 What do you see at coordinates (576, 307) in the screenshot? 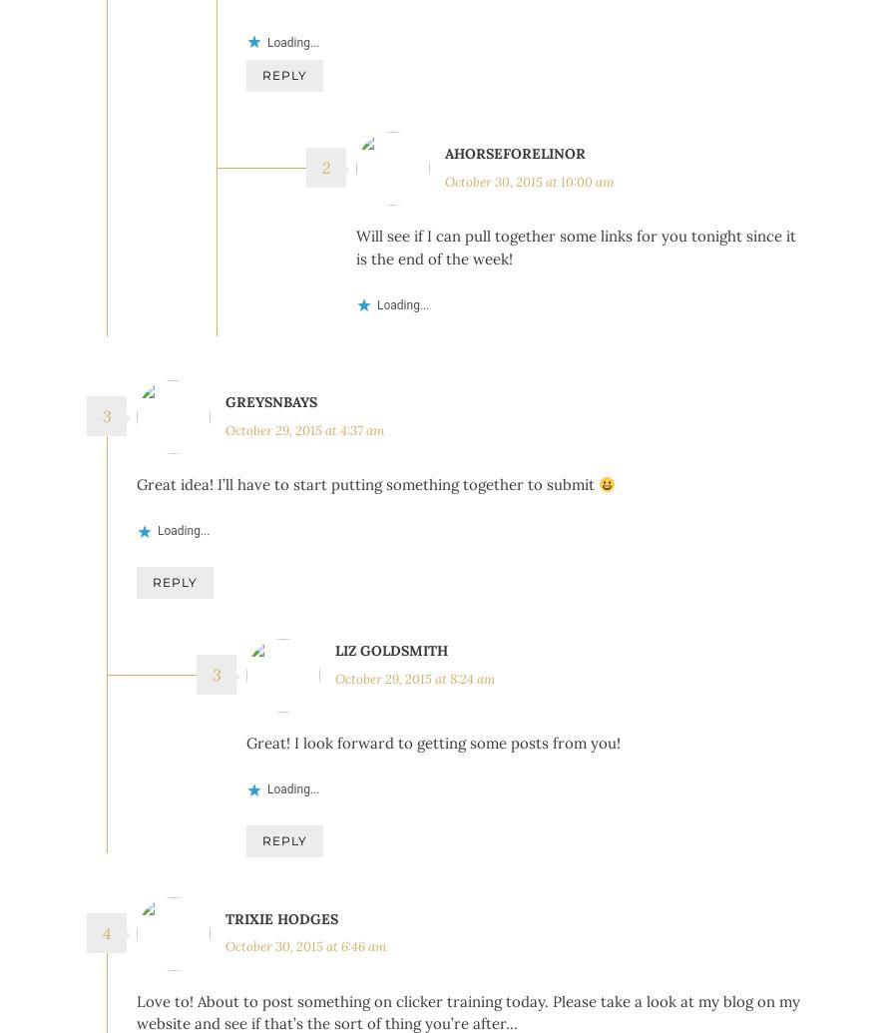
I see `'Will see if I can pull together some links for you tonight since it is the end of the week!'` at bounding box center [576, 307].